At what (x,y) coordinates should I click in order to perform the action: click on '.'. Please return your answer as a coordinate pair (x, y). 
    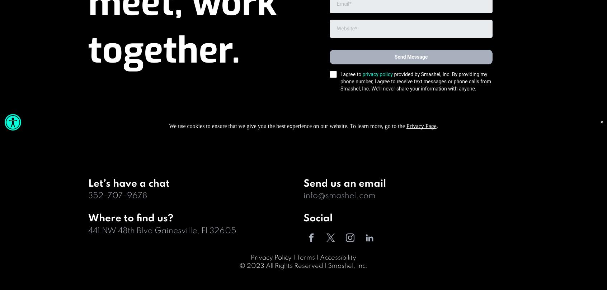
    Looking at the image, I should click on (437, 126).